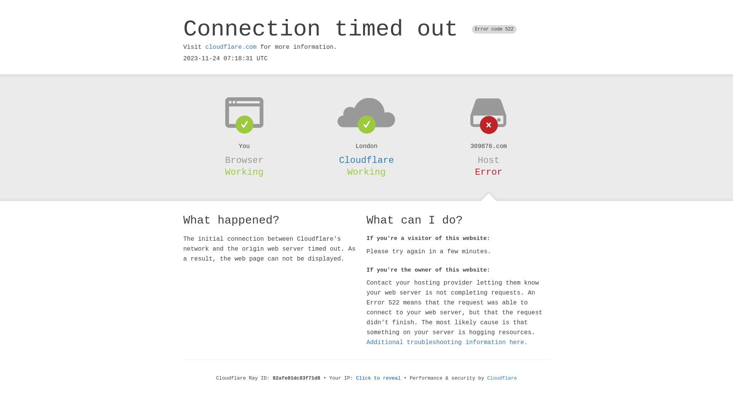 The image size is (733, 412). What do you see at coordinates (205, 47) in the screenshot?
I see `'cloudflare.com'` at bounding box center [205, 47].